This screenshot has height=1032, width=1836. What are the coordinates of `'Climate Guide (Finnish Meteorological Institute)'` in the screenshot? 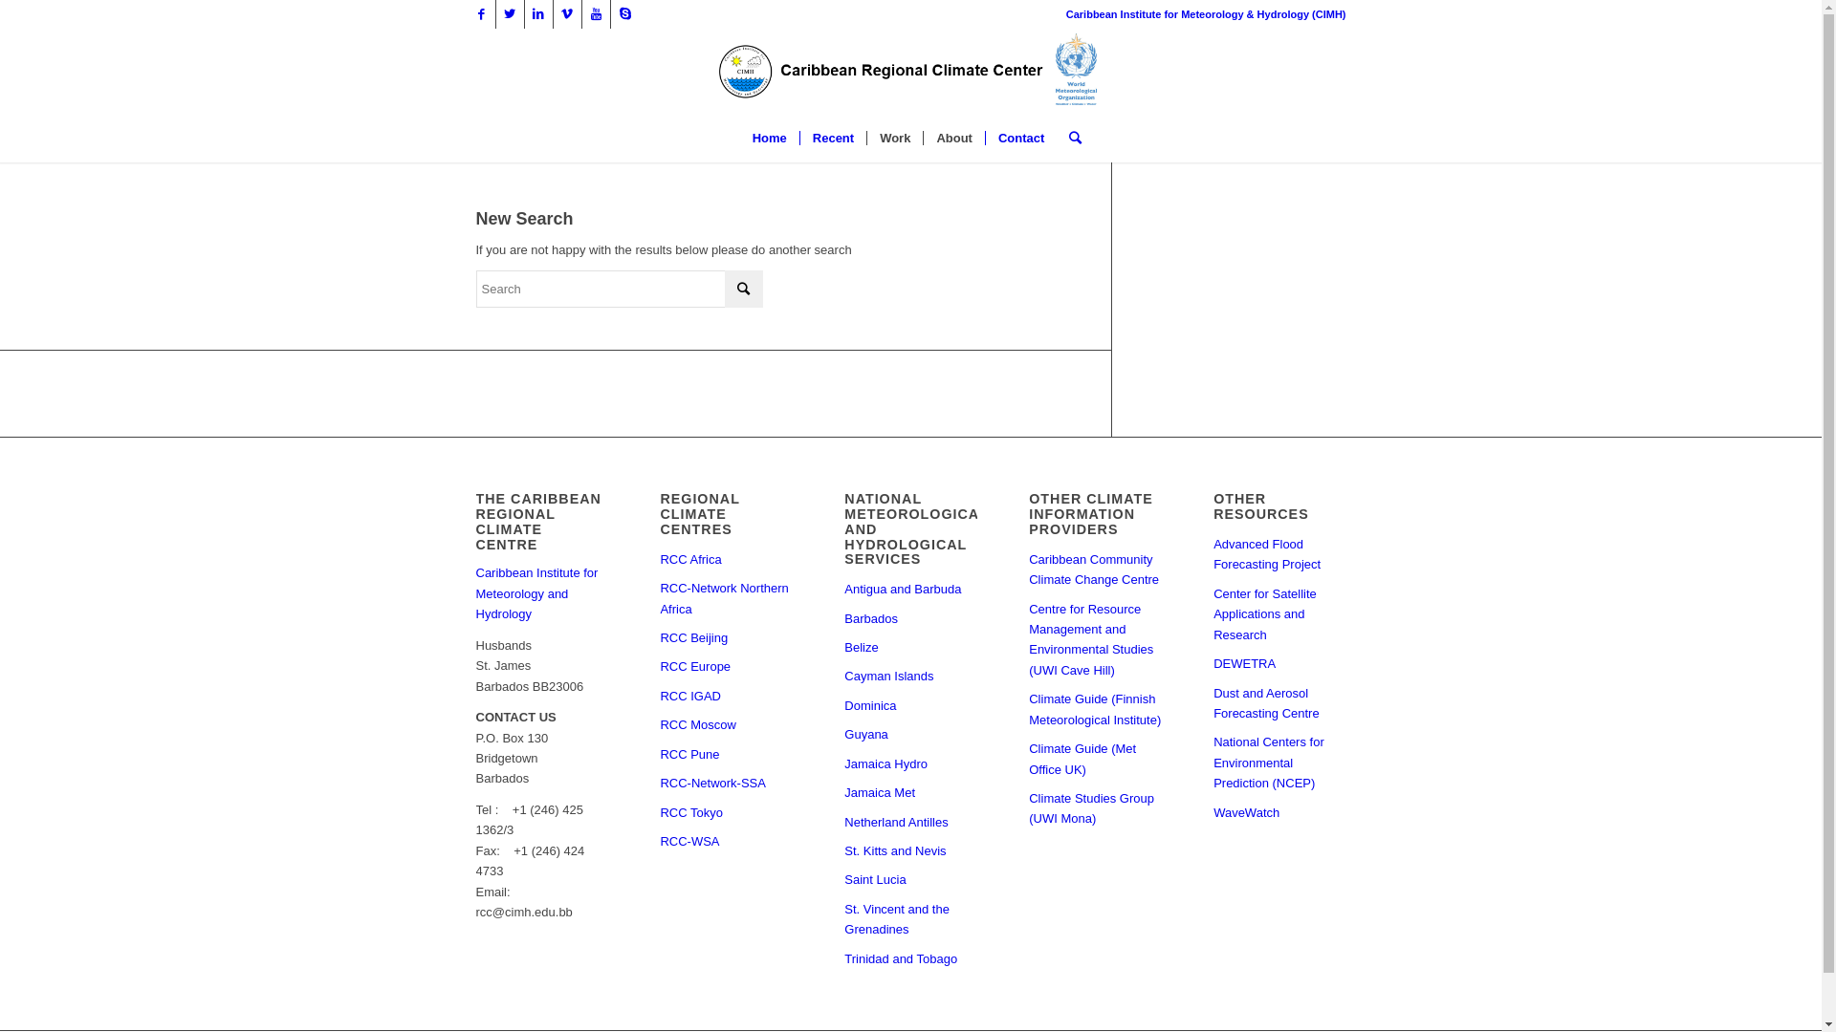 It's located at (1027, 710).